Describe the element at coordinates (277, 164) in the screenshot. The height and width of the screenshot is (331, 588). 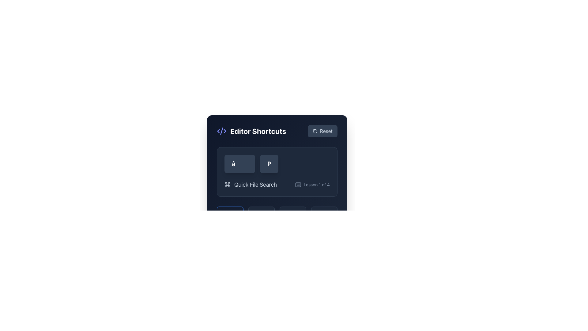
I see `the keyboard shortcut display element located in the 'Quick File Search' section to learn the keyboard shortcut` at that location.